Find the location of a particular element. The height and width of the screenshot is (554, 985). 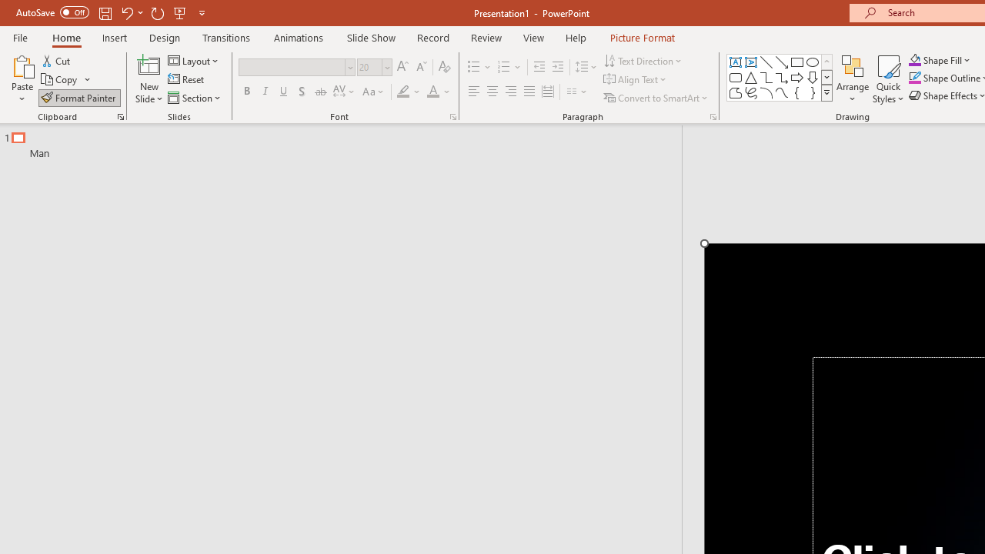

'Text Highlight Color' is located at coordinates (409, 92).